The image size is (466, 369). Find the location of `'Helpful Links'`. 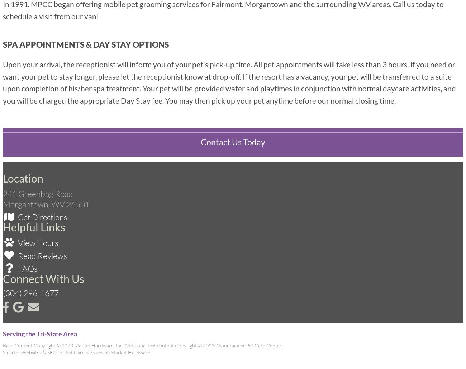

'Helpful Links' is located at coordinates (34, 227).